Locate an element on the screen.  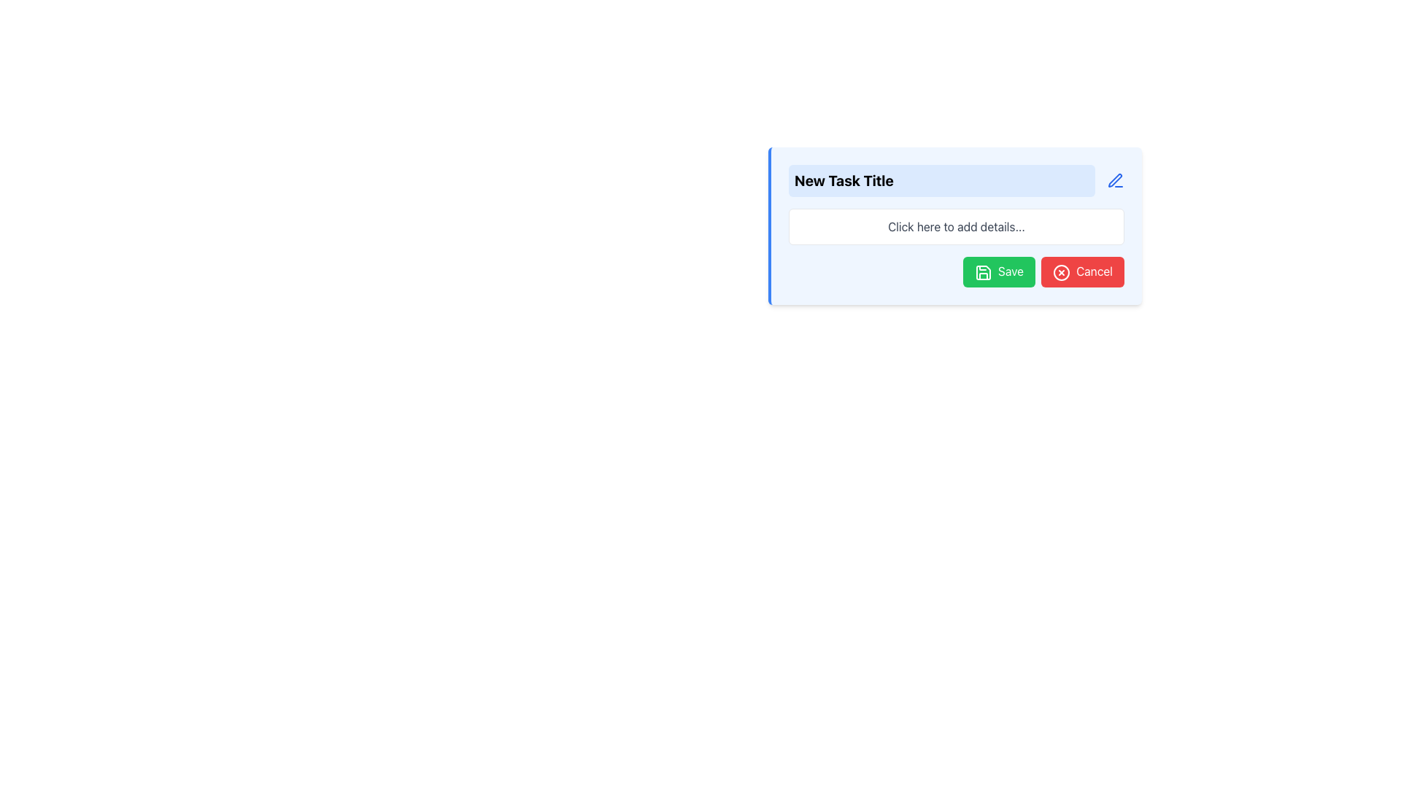
the green 'Save' button with a floppy disk icon on the left is located at coordinates (998, 271).